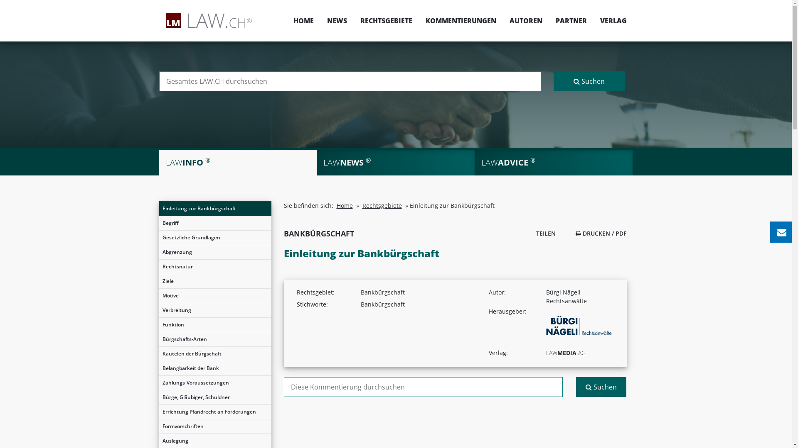 This screenshot has height=448, width=798. What do you see at coordinates (215, 281) in the screenshot?
I see `'Ziele'` at bounding box center [215, 281].